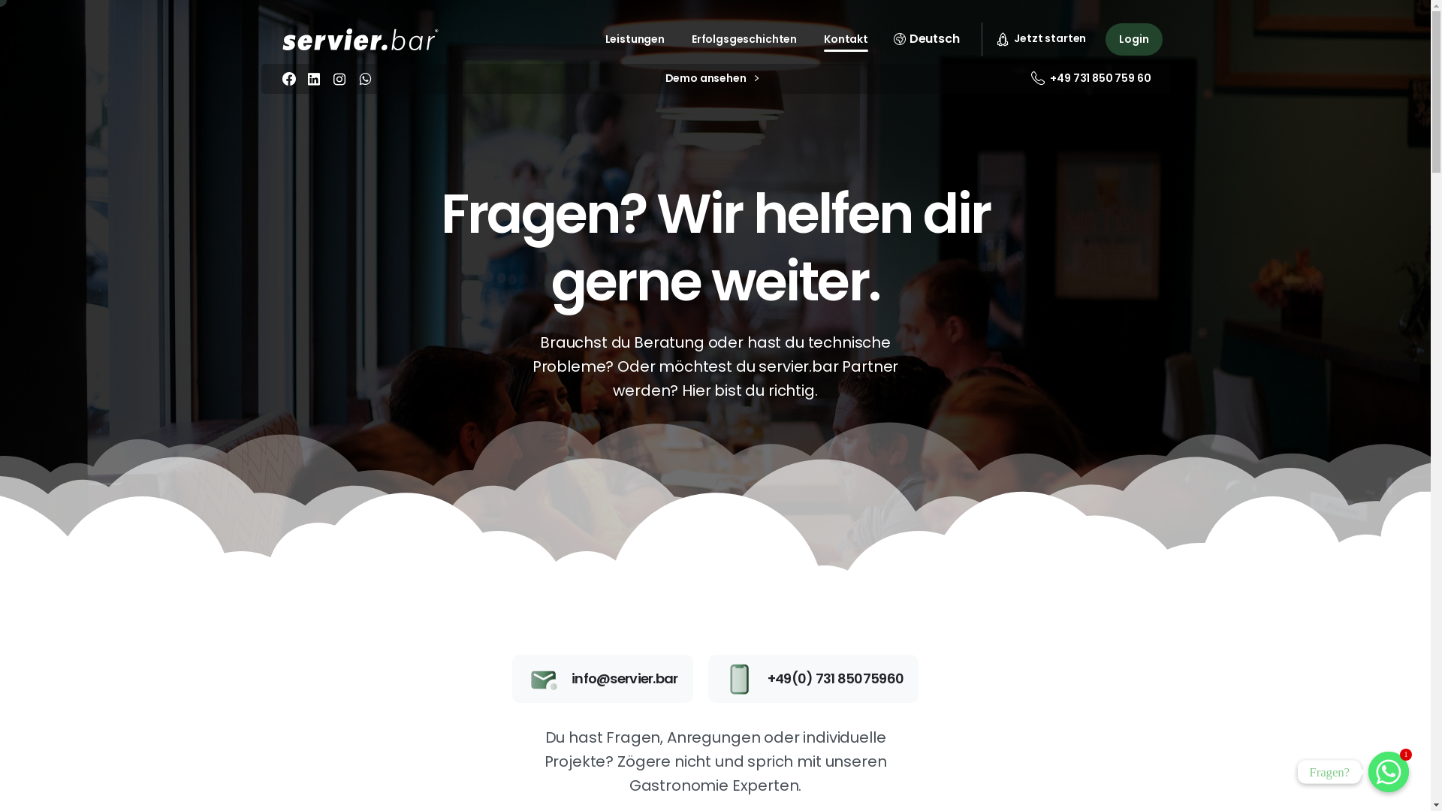 The width and height of the screenshot is (1442, 811). Describe the element at coordinates (1091, 78) in the screenshot. I see `'+49 731 850 759 60'` at that location.